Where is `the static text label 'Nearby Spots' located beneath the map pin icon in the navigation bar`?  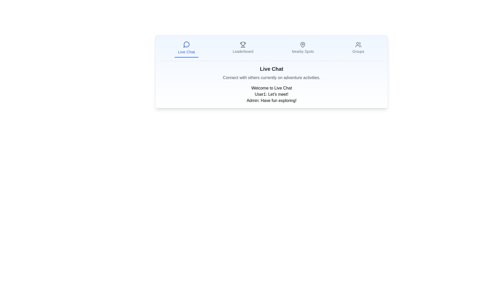
the static text label 'Nearby Spots' located beneath the map pin icon in the navigation bar is located at coordinates (303, 51).